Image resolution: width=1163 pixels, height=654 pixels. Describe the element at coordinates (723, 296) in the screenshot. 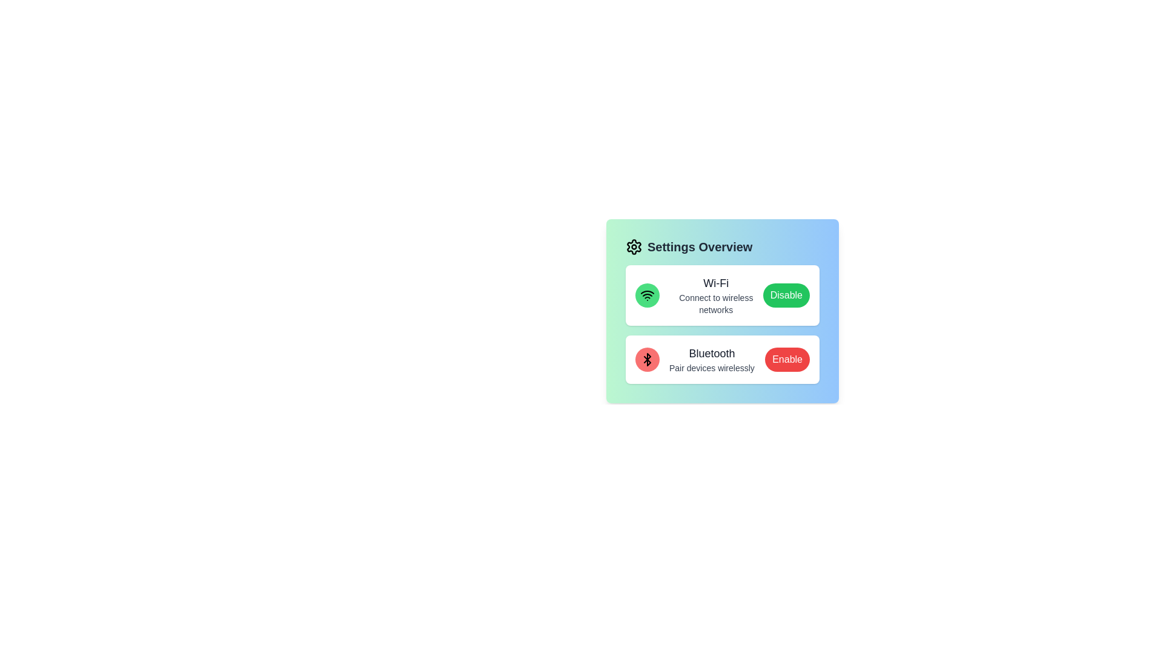

I see `the list item for Wi-Fi` at that location.